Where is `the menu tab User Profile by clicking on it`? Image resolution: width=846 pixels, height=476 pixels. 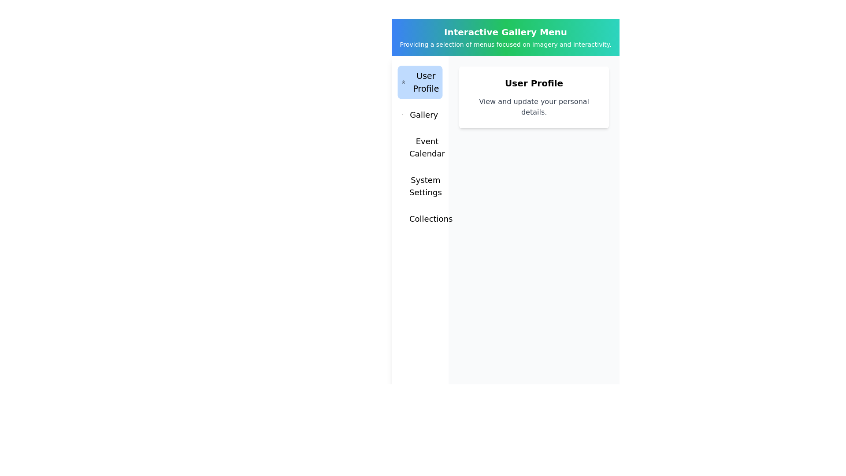 the menu tab User Profile by clicking on it is located at coordinates (419, 82).